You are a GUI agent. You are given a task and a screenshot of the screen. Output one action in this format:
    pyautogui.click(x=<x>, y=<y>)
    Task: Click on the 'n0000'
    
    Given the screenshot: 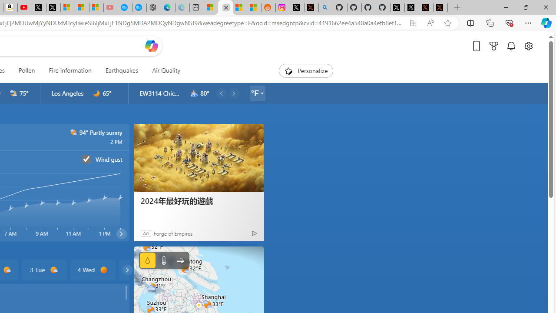 What is the action you would take?
    pyautogui.click(x=96, y=93)
    